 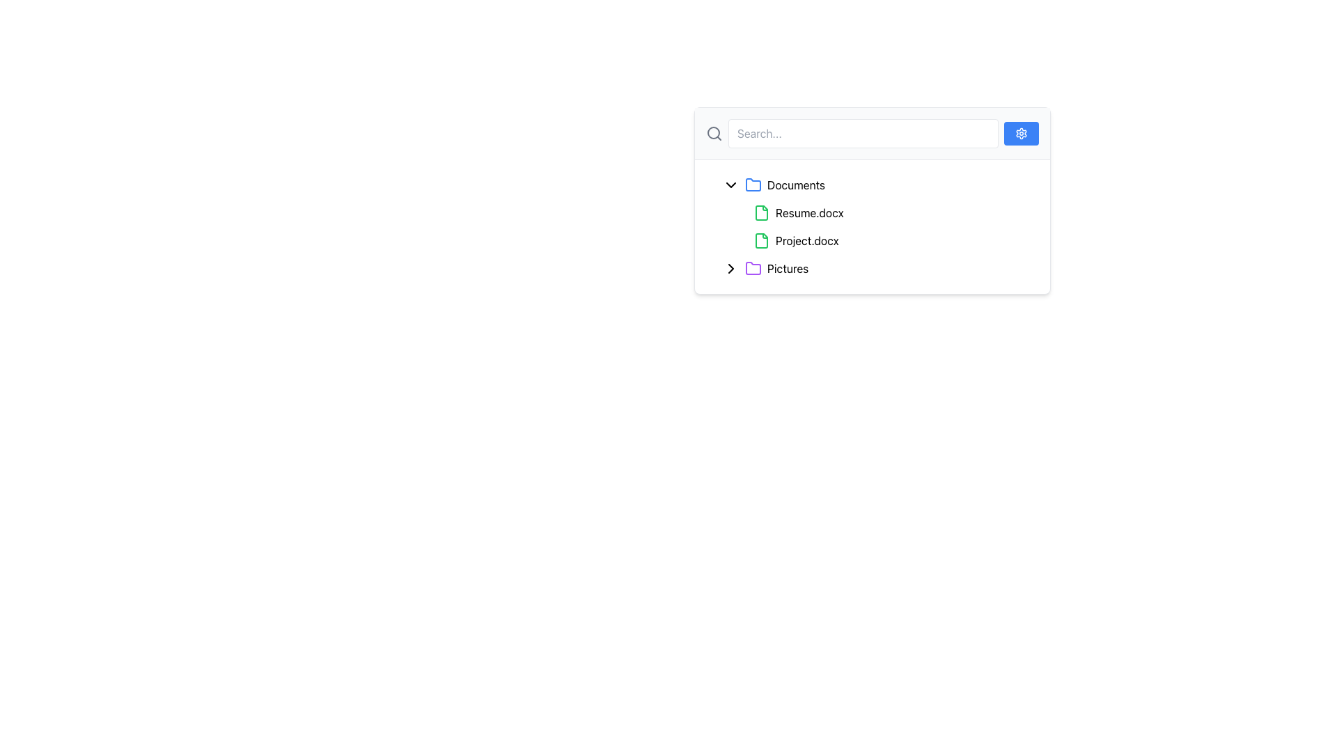 What do you see at coordinates (1022, 134) in the screenshot?
I see `the gear-shaped settings icon located in the top-right corner of the file navigation interface` at bounding box center [1022, 134].